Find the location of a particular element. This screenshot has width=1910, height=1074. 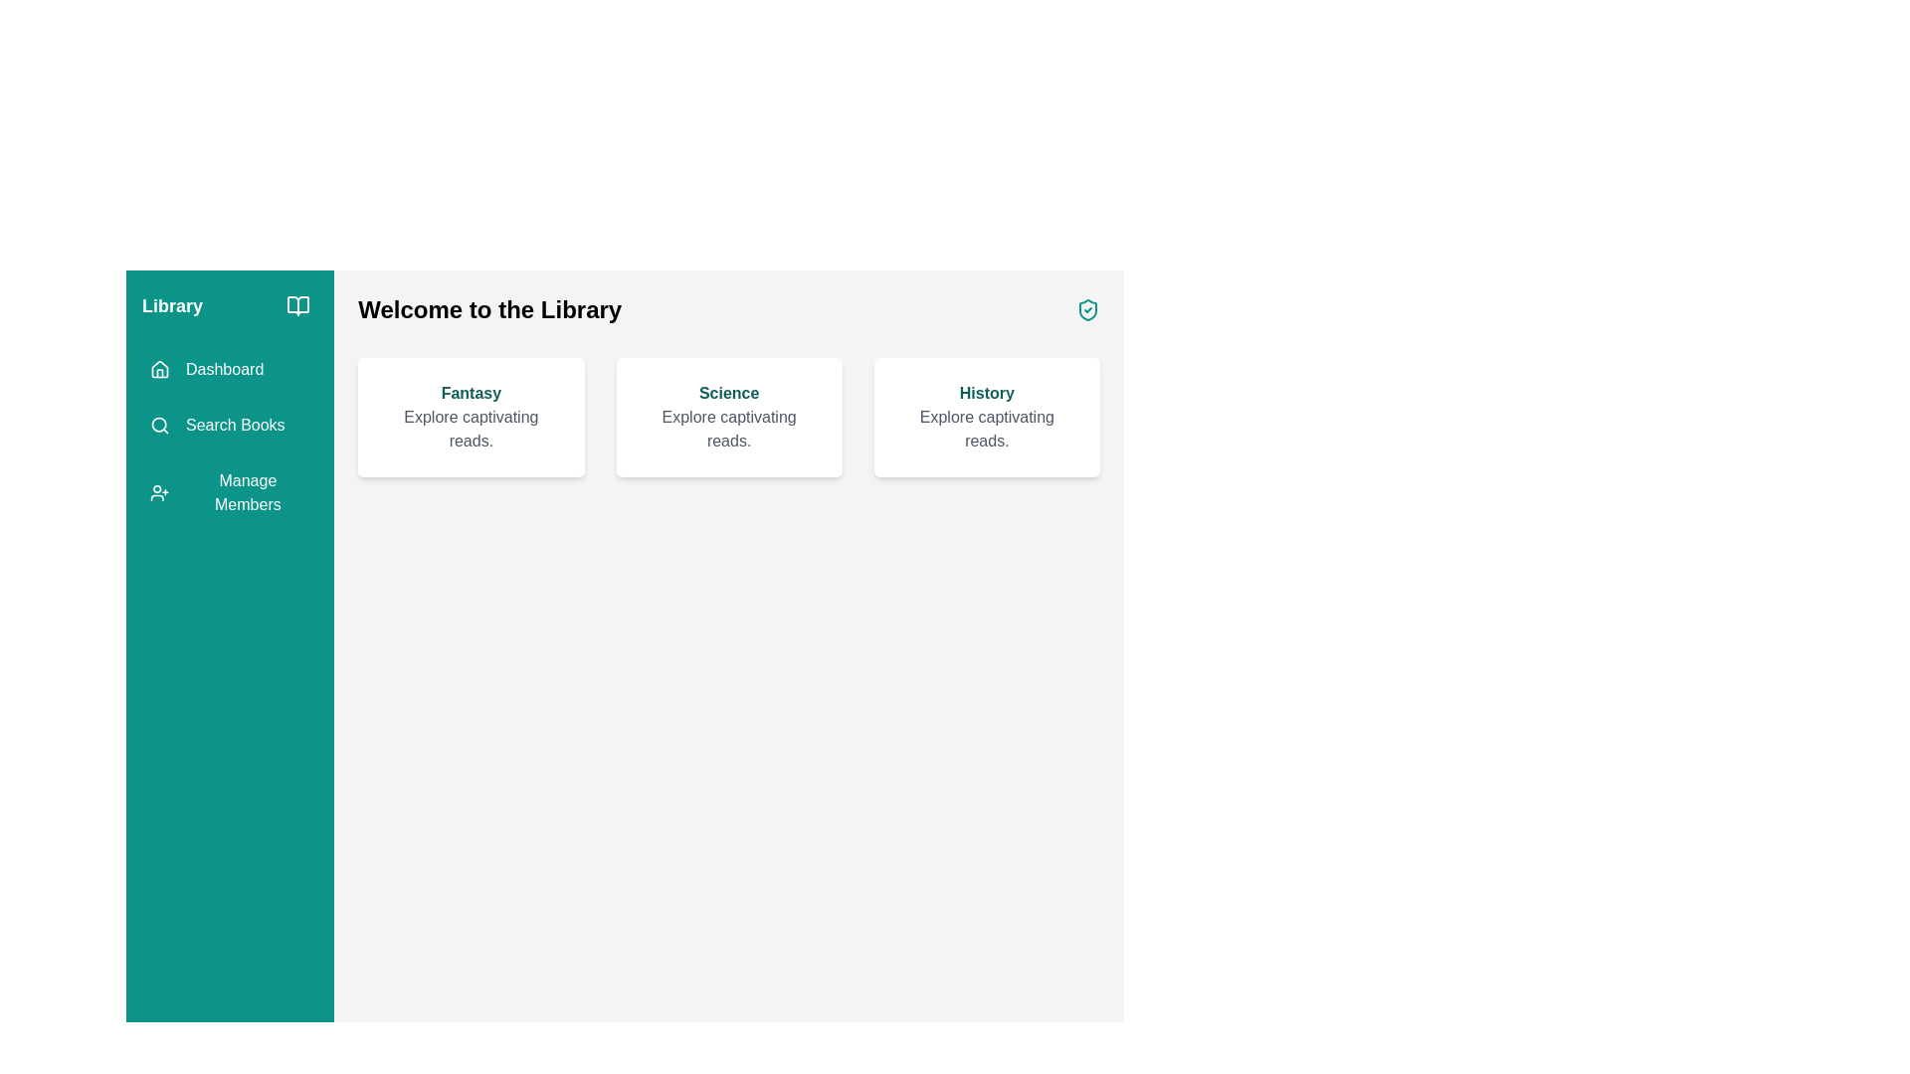

text block that displays 'Explore captivating reads.' located within the 'History' card, positioned directly below the heading 'History' is located at coordinates (987, 429).